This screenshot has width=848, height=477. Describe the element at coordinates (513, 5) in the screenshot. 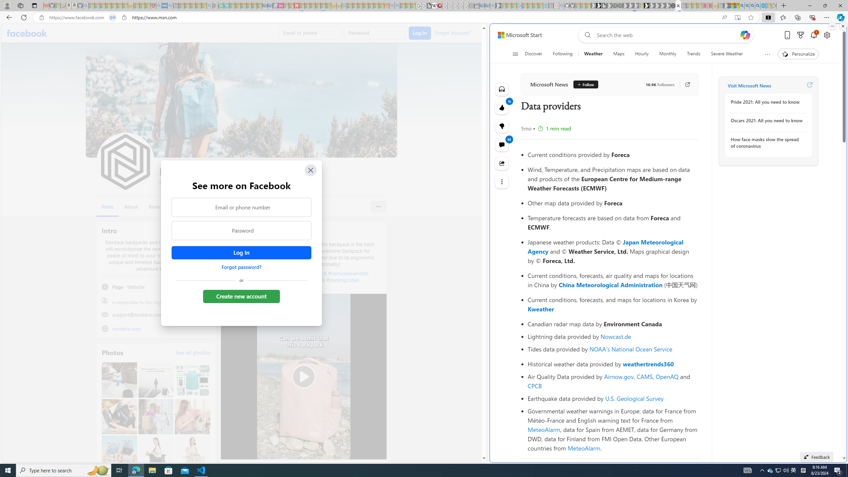

I see `'Microsoft account | Privacy - Sleeping'` at that location.